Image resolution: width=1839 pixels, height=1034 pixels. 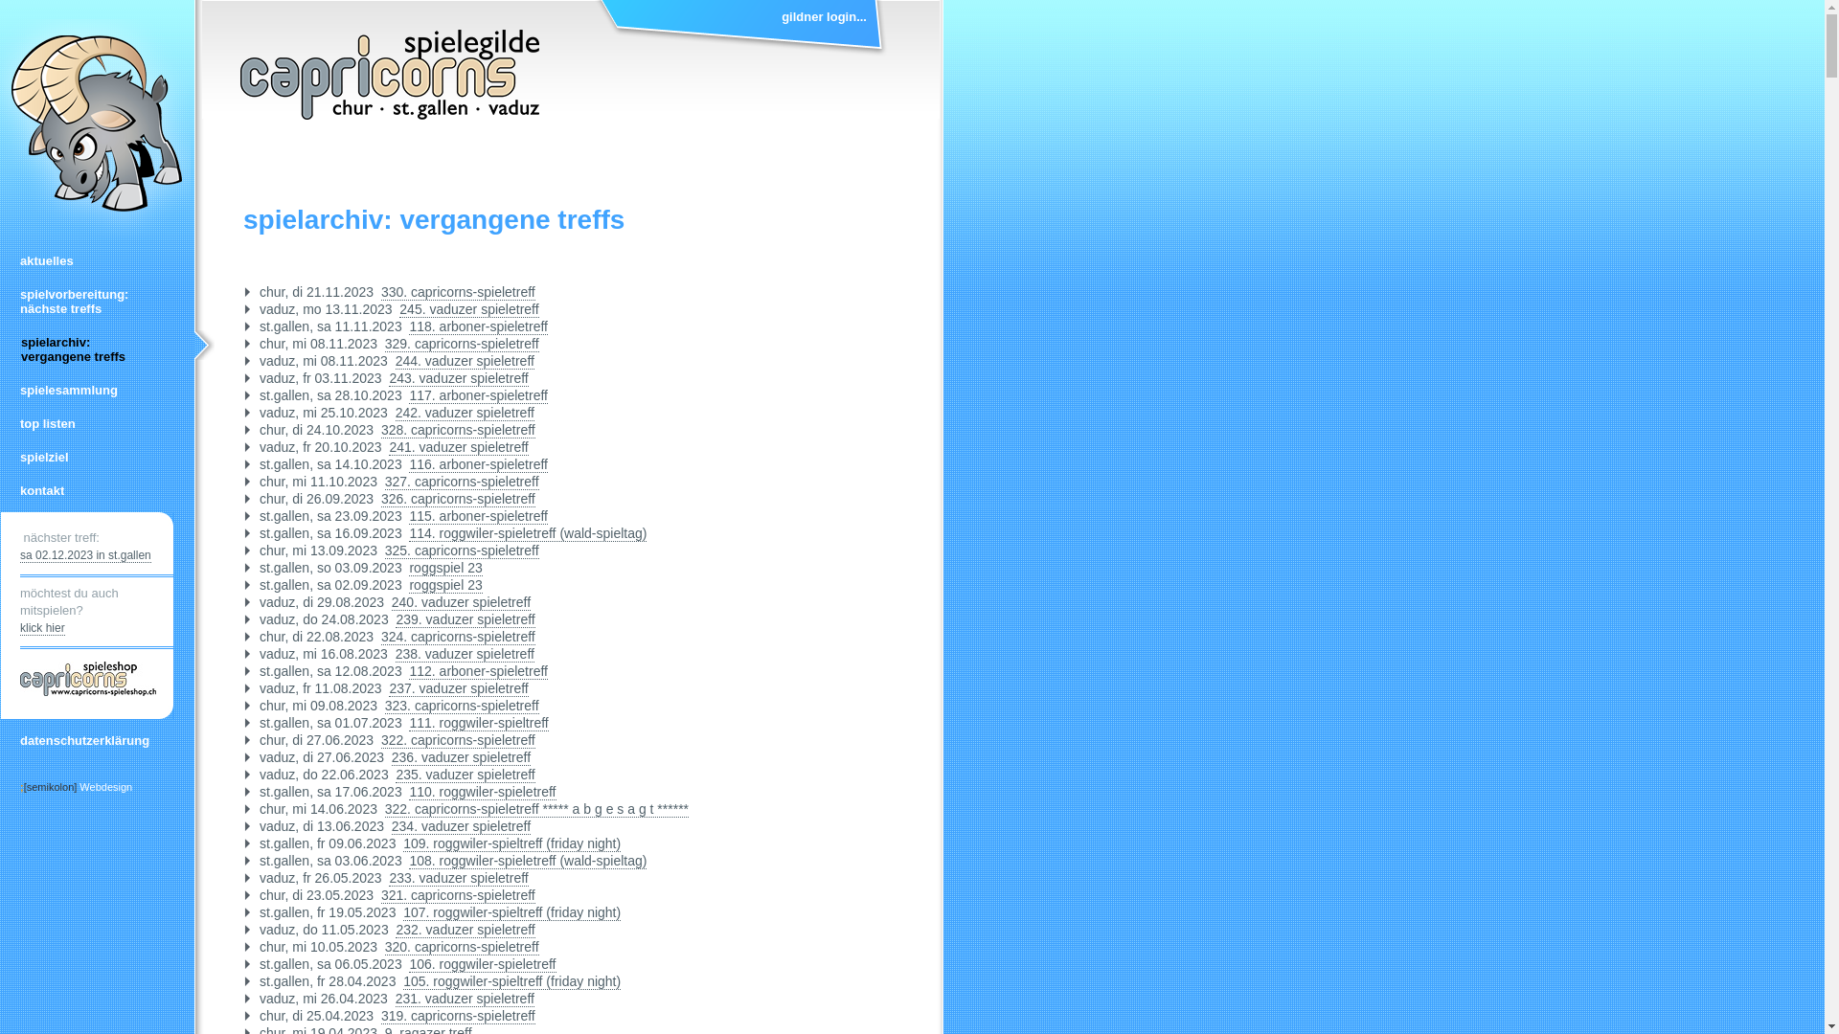 I want to click on '321. capricorns-spieletreff', so click(x=457, y=895).